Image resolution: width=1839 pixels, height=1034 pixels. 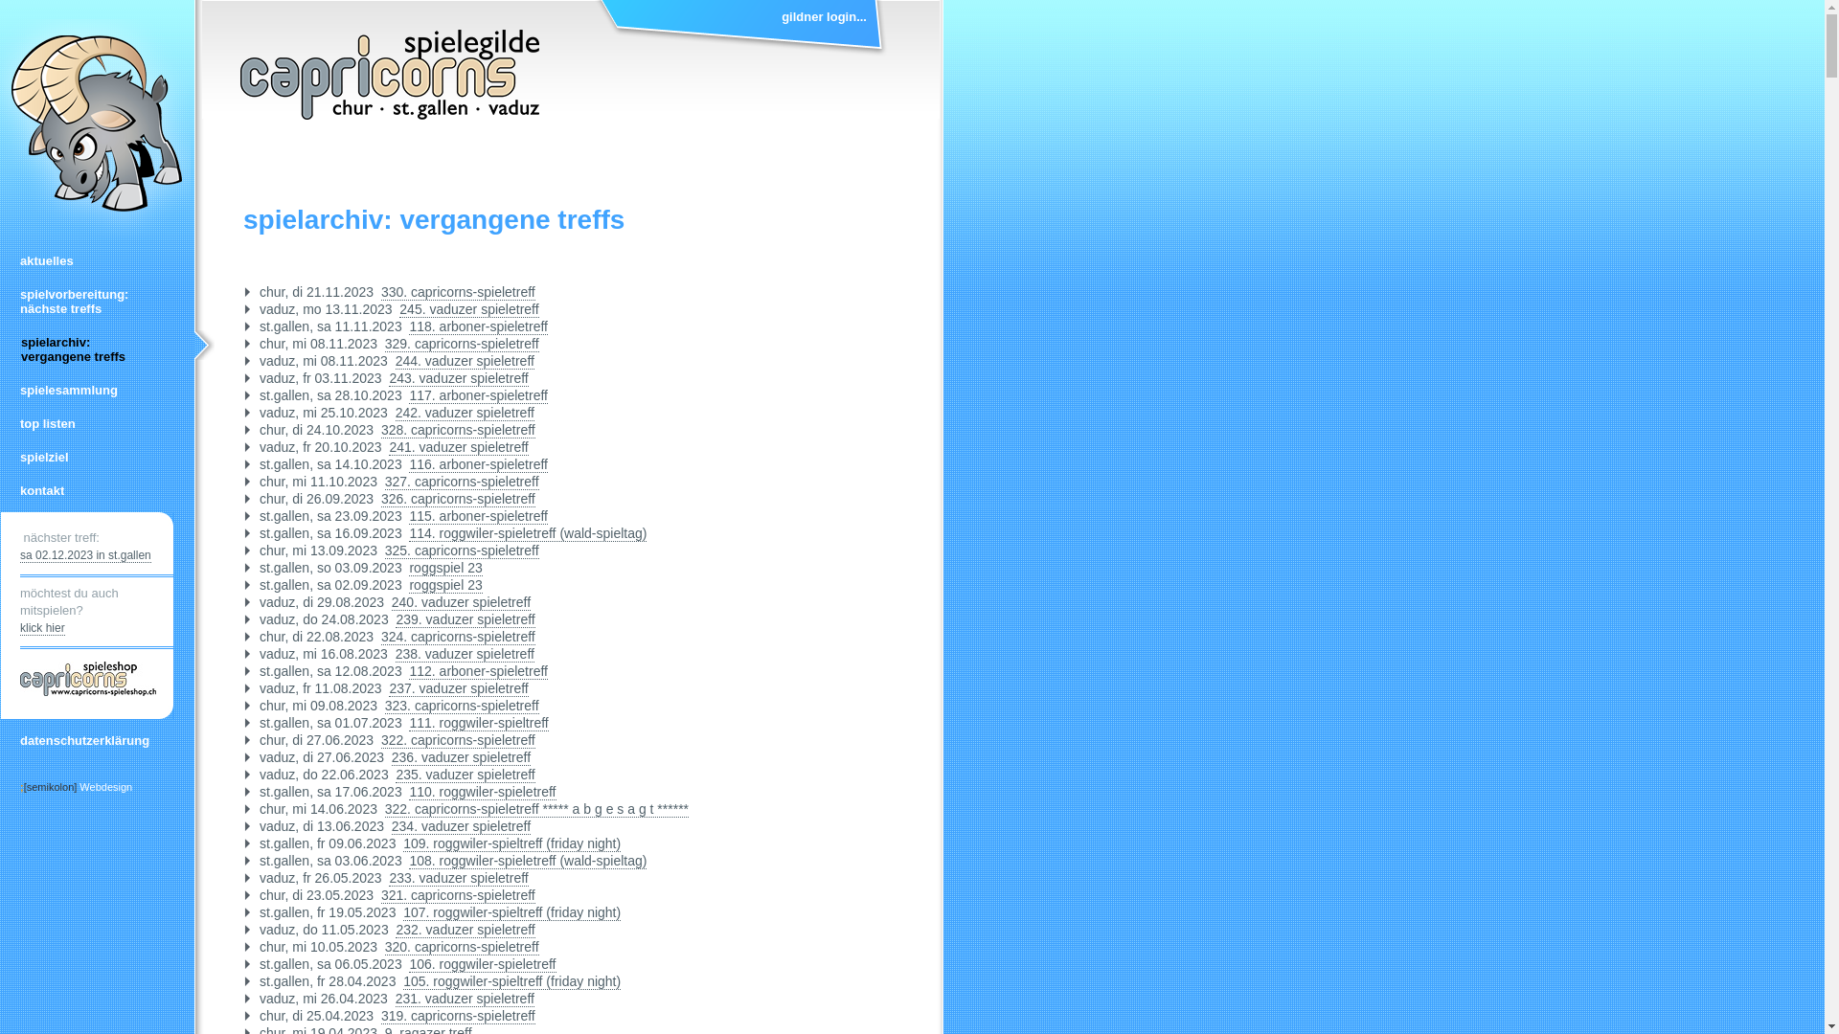 I want to click on '321. capricorns-spieletreff', so click(x=457, y=895).